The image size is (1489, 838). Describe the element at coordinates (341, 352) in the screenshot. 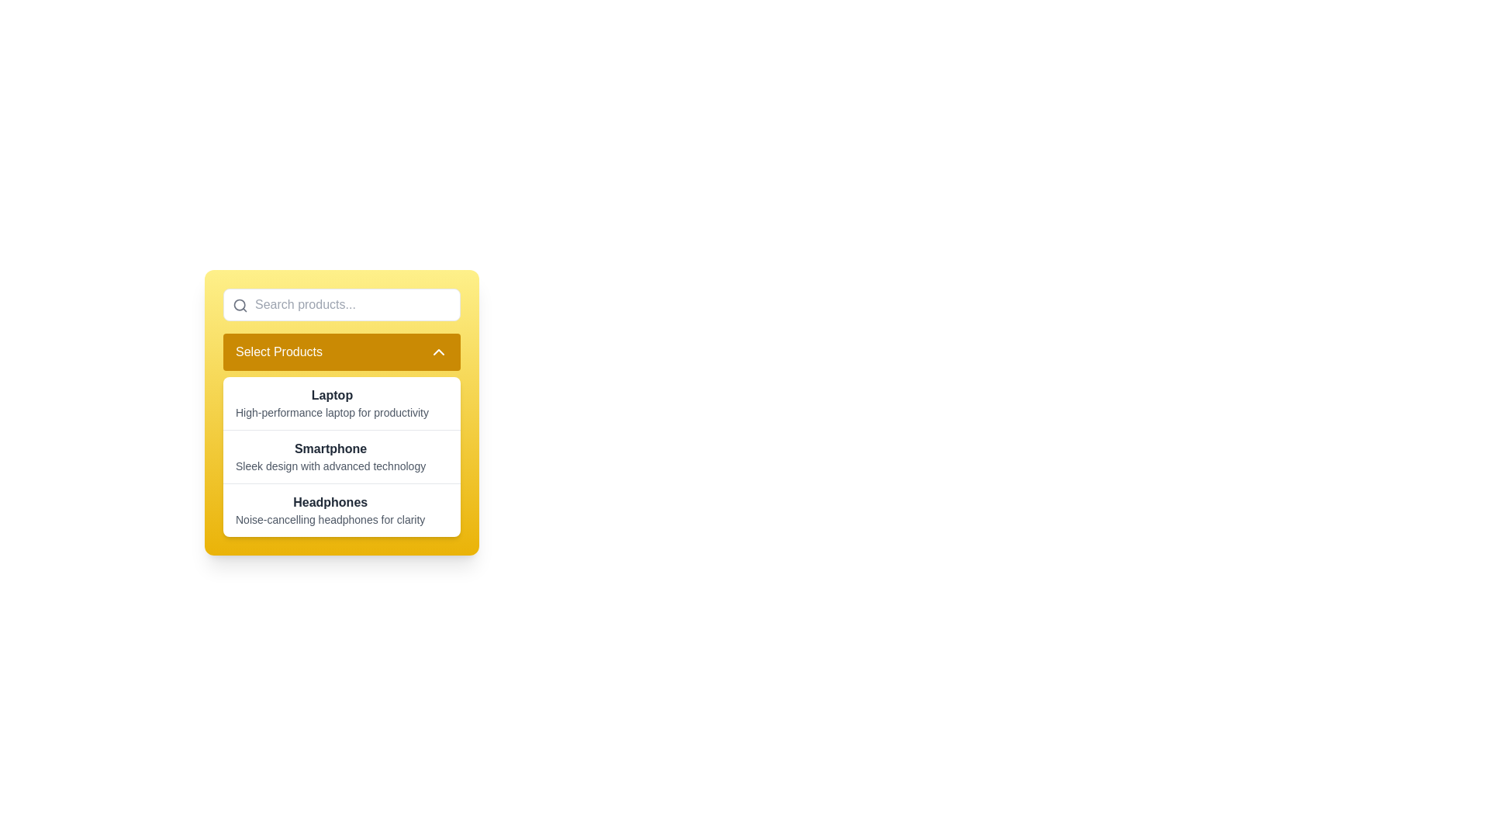

I see `the 'Select Products' Dropdown Button with a yellow background` at that location.